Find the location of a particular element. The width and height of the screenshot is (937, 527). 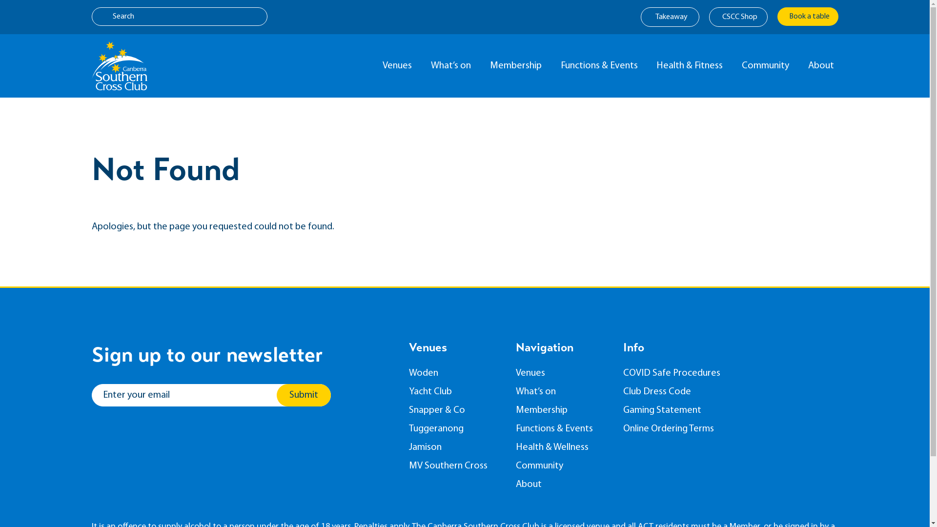

'Membership' is located at coordinates (517, 66).